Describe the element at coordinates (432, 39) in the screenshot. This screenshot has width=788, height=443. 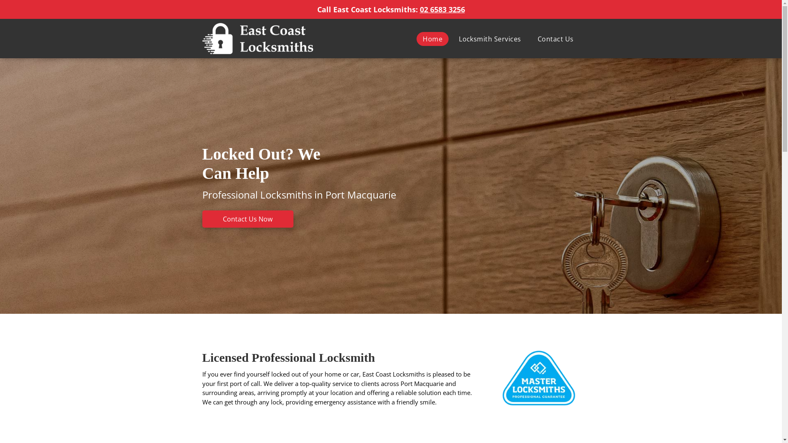
I see `'Home'` at that location.